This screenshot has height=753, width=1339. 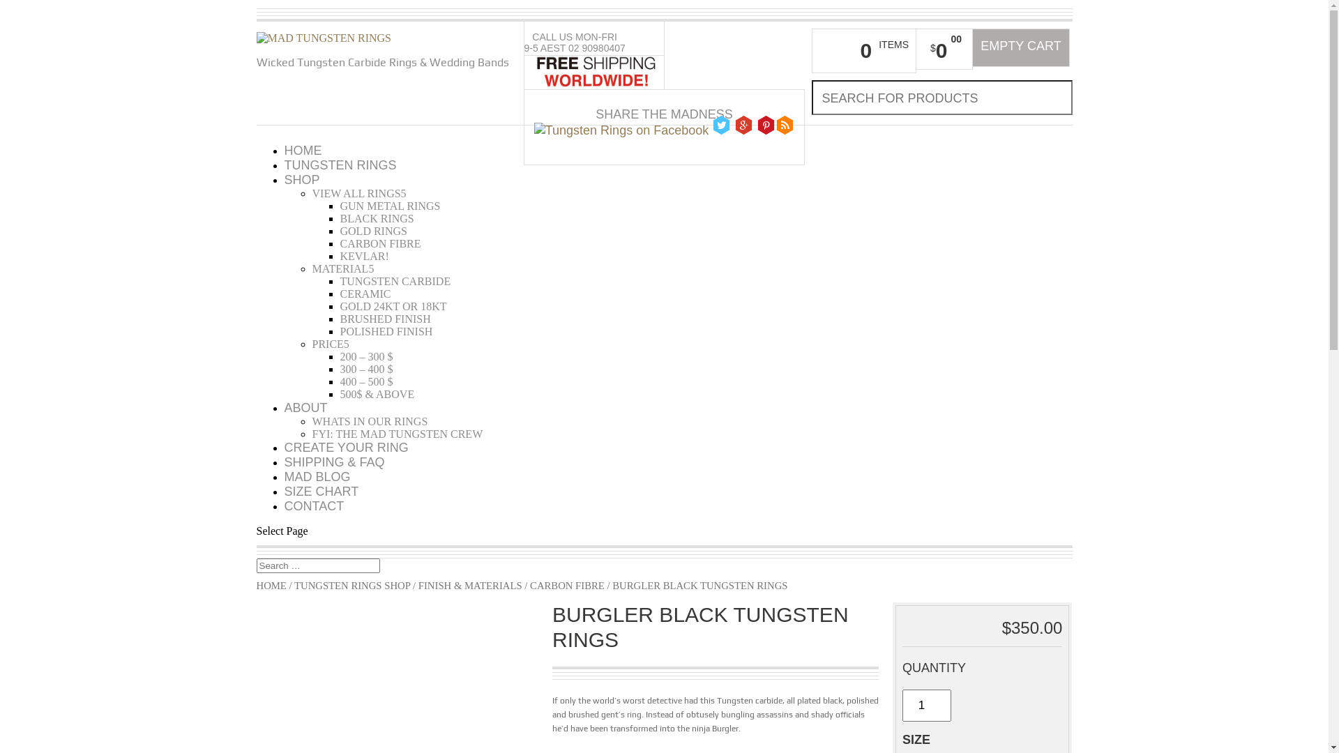 What do you see at coordinates (377, 394) in the screenshot?
I see `'500$ & ABOVE'` at bounding box center [377, 394].